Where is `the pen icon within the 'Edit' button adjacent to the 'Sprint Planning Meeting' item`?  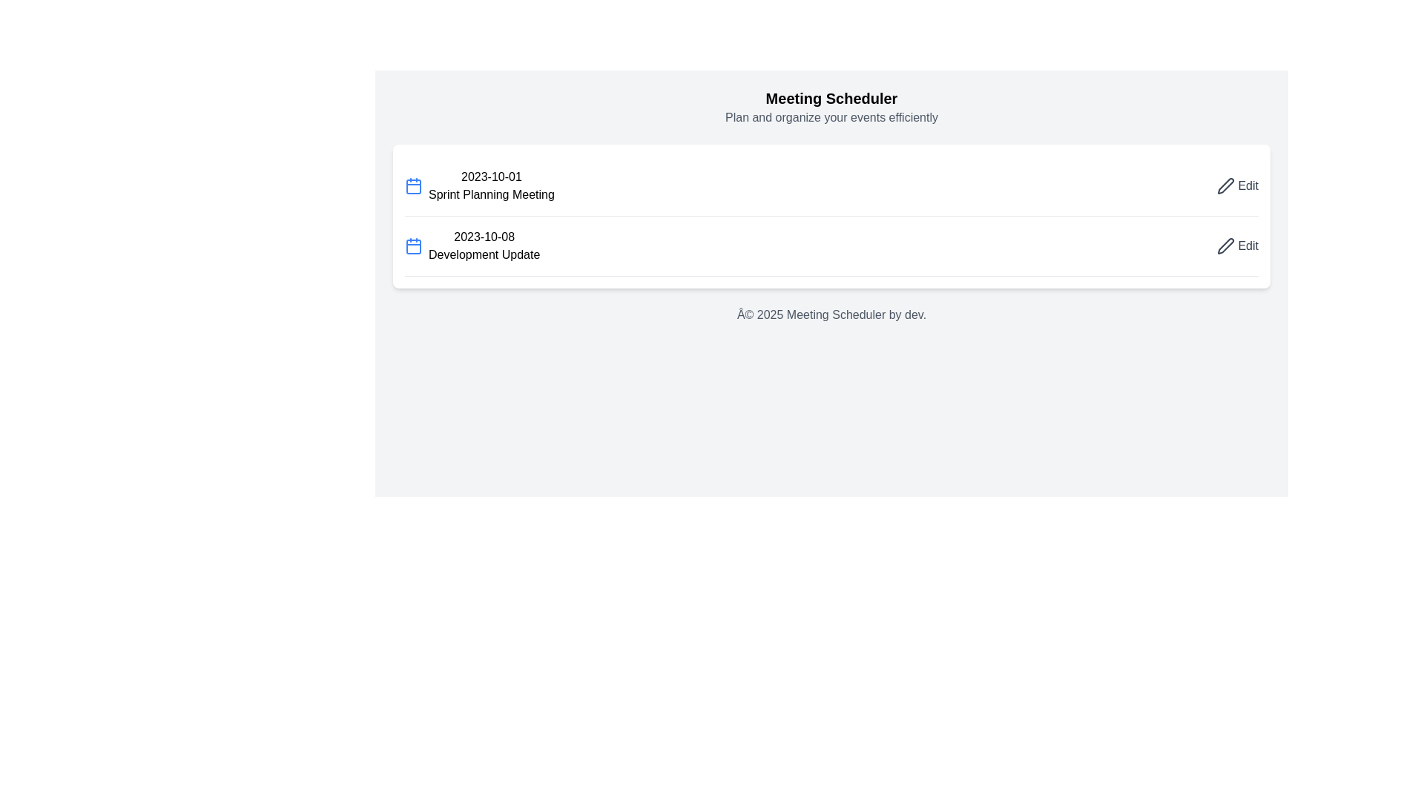
the pen icon within the 'Edit' button adjacent to the 'Sprint Planning Meeting' item is located at coordinates (1226, 245).